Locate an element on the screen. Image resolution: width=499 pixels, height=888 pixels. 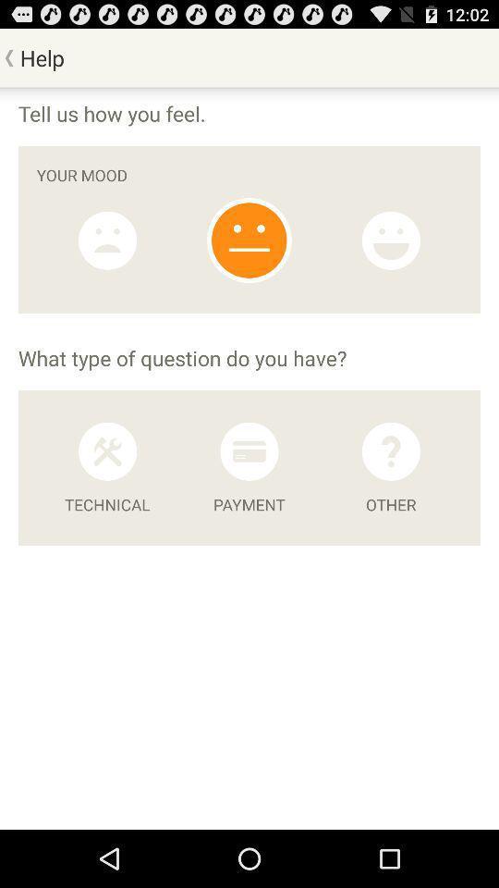
mood option is located at coordinates (249, 240).